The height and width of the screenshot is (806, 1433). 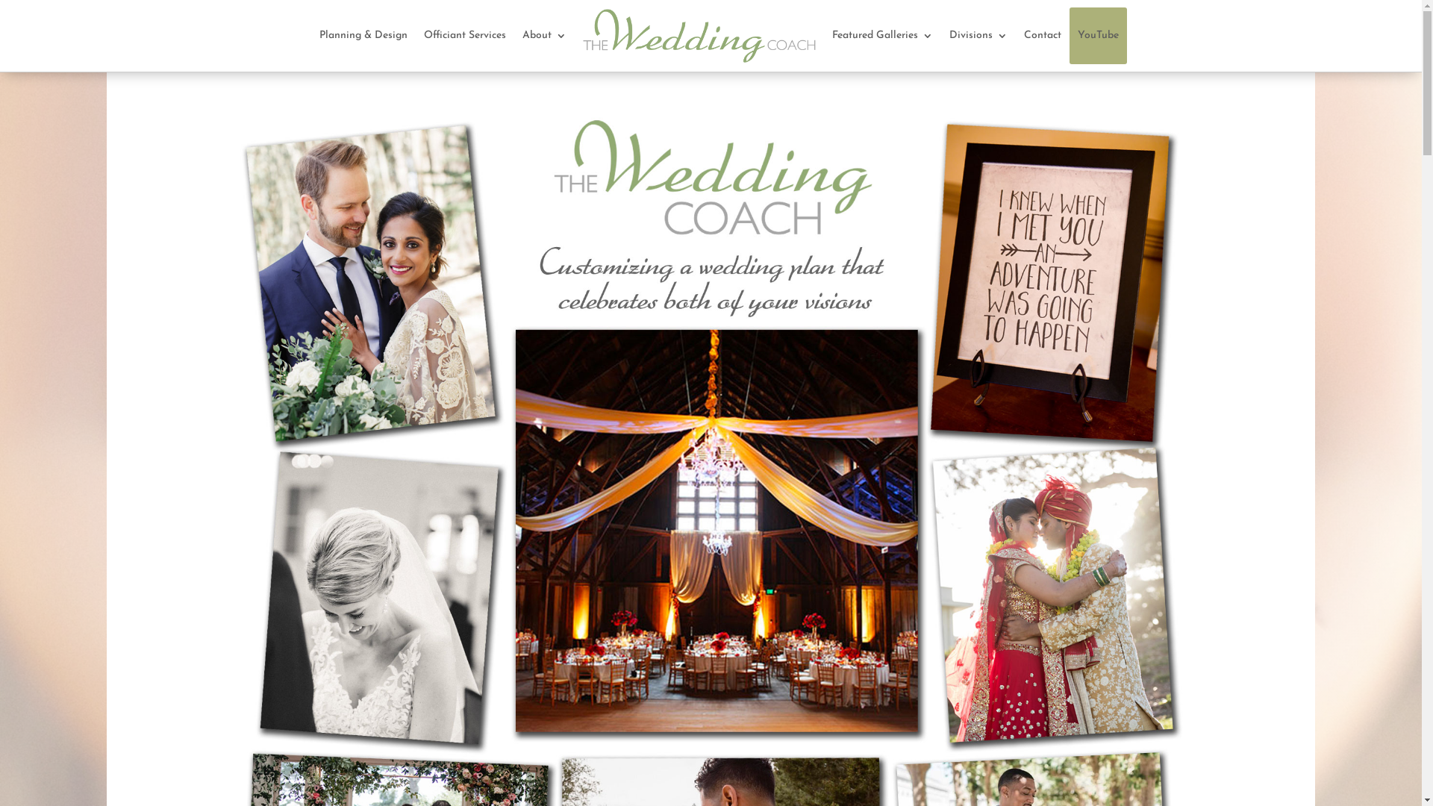 I want to click on 'Featured Galleries', so click(x=831, y=34).